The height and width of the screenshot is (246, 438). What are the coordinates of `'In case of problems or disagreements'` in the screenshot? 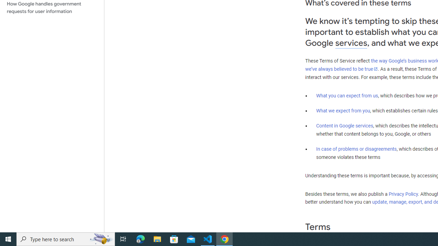 It's located at (356, 148).